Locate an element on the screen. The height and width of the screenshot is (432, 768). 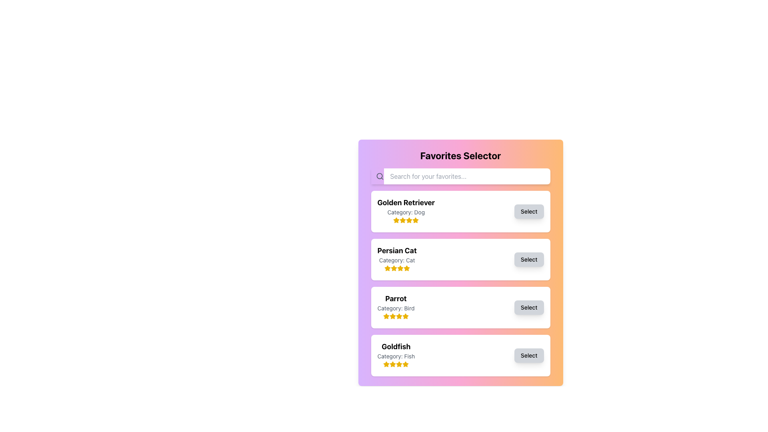
the third star icon in the rating system for the 'Golden Retriever' option, which is centrally positioned among the five stars is located at coordinates (409, 220).